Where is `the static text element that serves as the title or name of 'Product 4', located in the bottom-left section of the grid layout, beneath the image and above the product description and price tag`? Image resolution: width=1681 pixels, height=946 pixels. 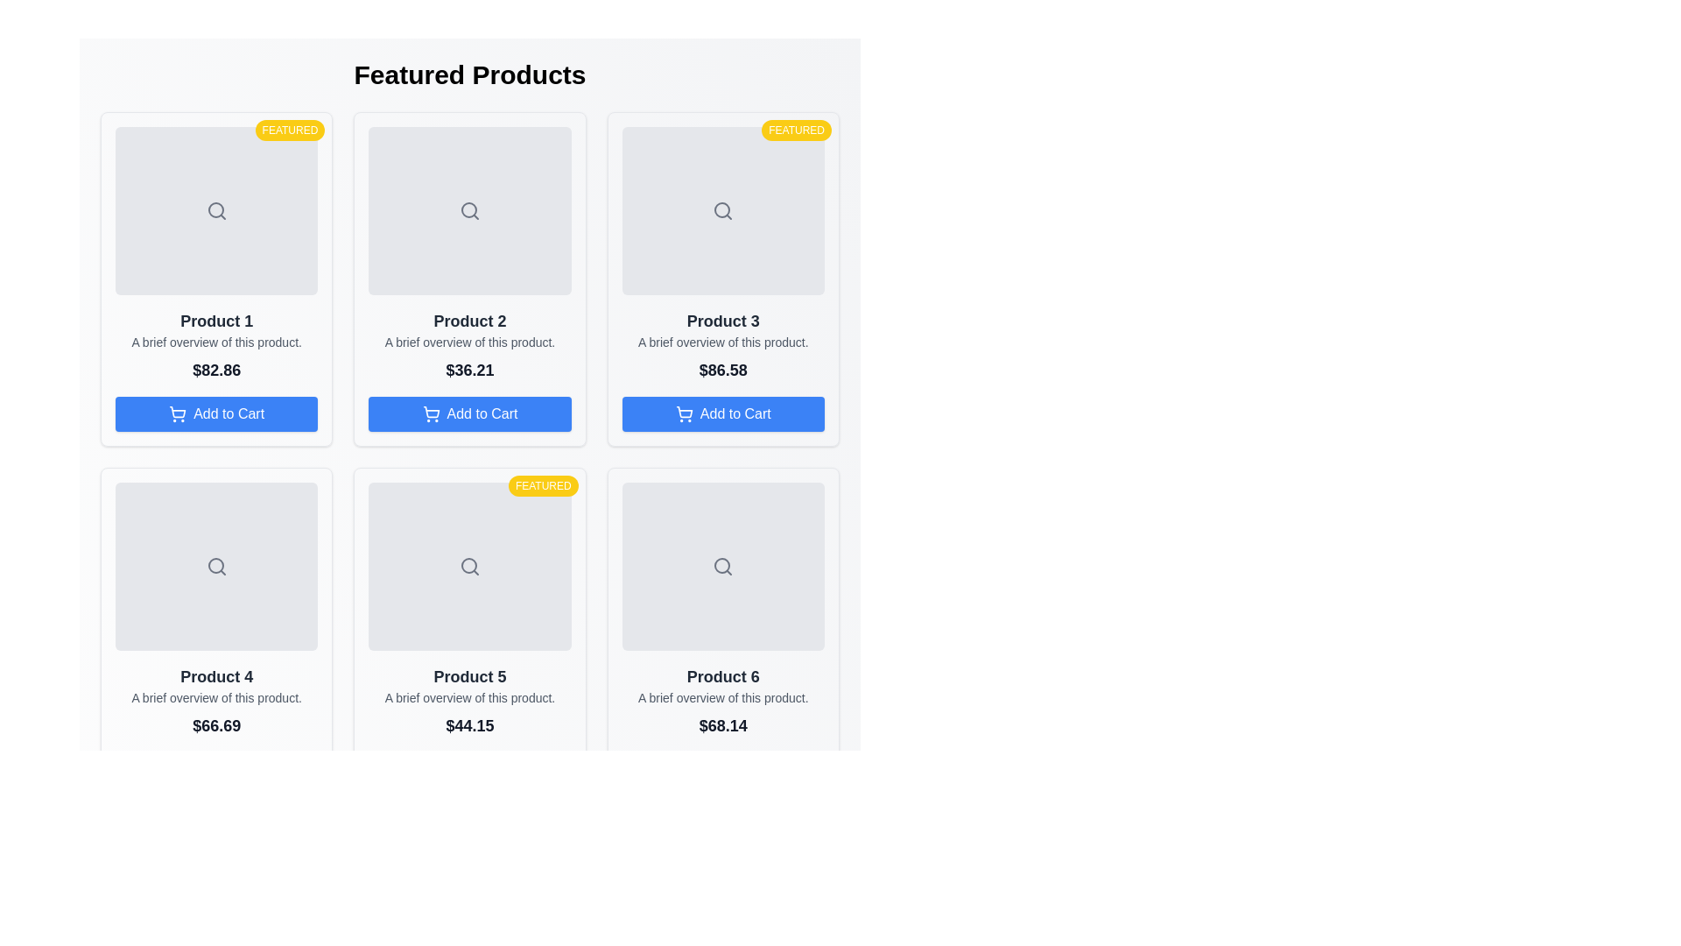 the static text element that serves as the title or name of 'Product 4', located in the bottom-left section of the grid layout, beneath the image and above the product description and price tag is located at coordinates (215, 675).